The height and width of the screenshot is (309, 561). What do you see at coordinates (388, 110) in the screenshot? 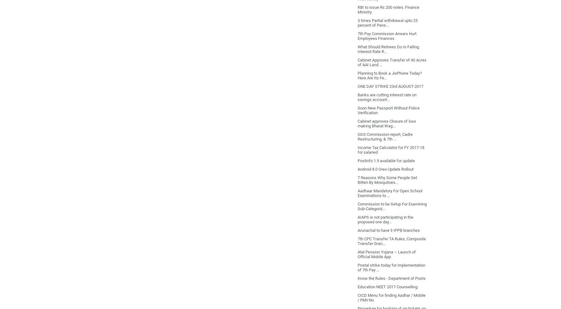
I see `'Soon New Passport Without Police Verification'` at bounding box center [388, 110].